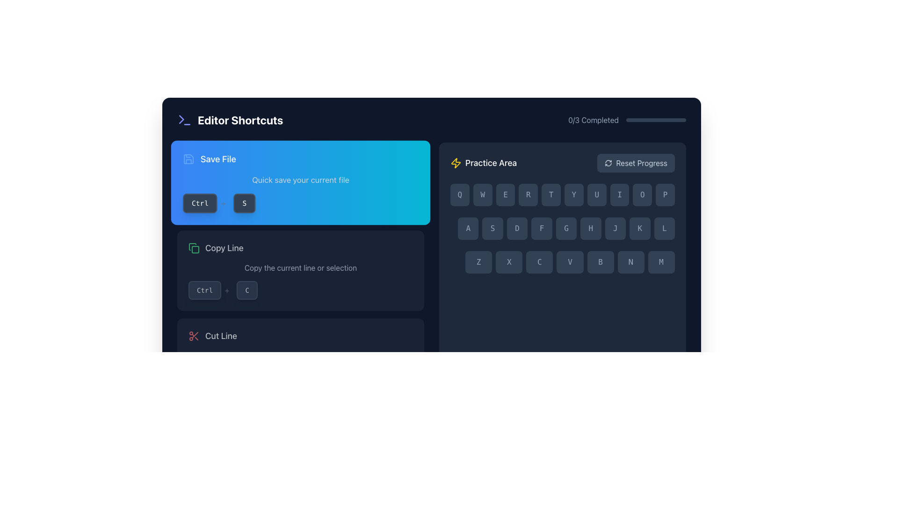  I want to click on the light blue outlined square save icon with a floppy disk symbol, so click(188, 159).